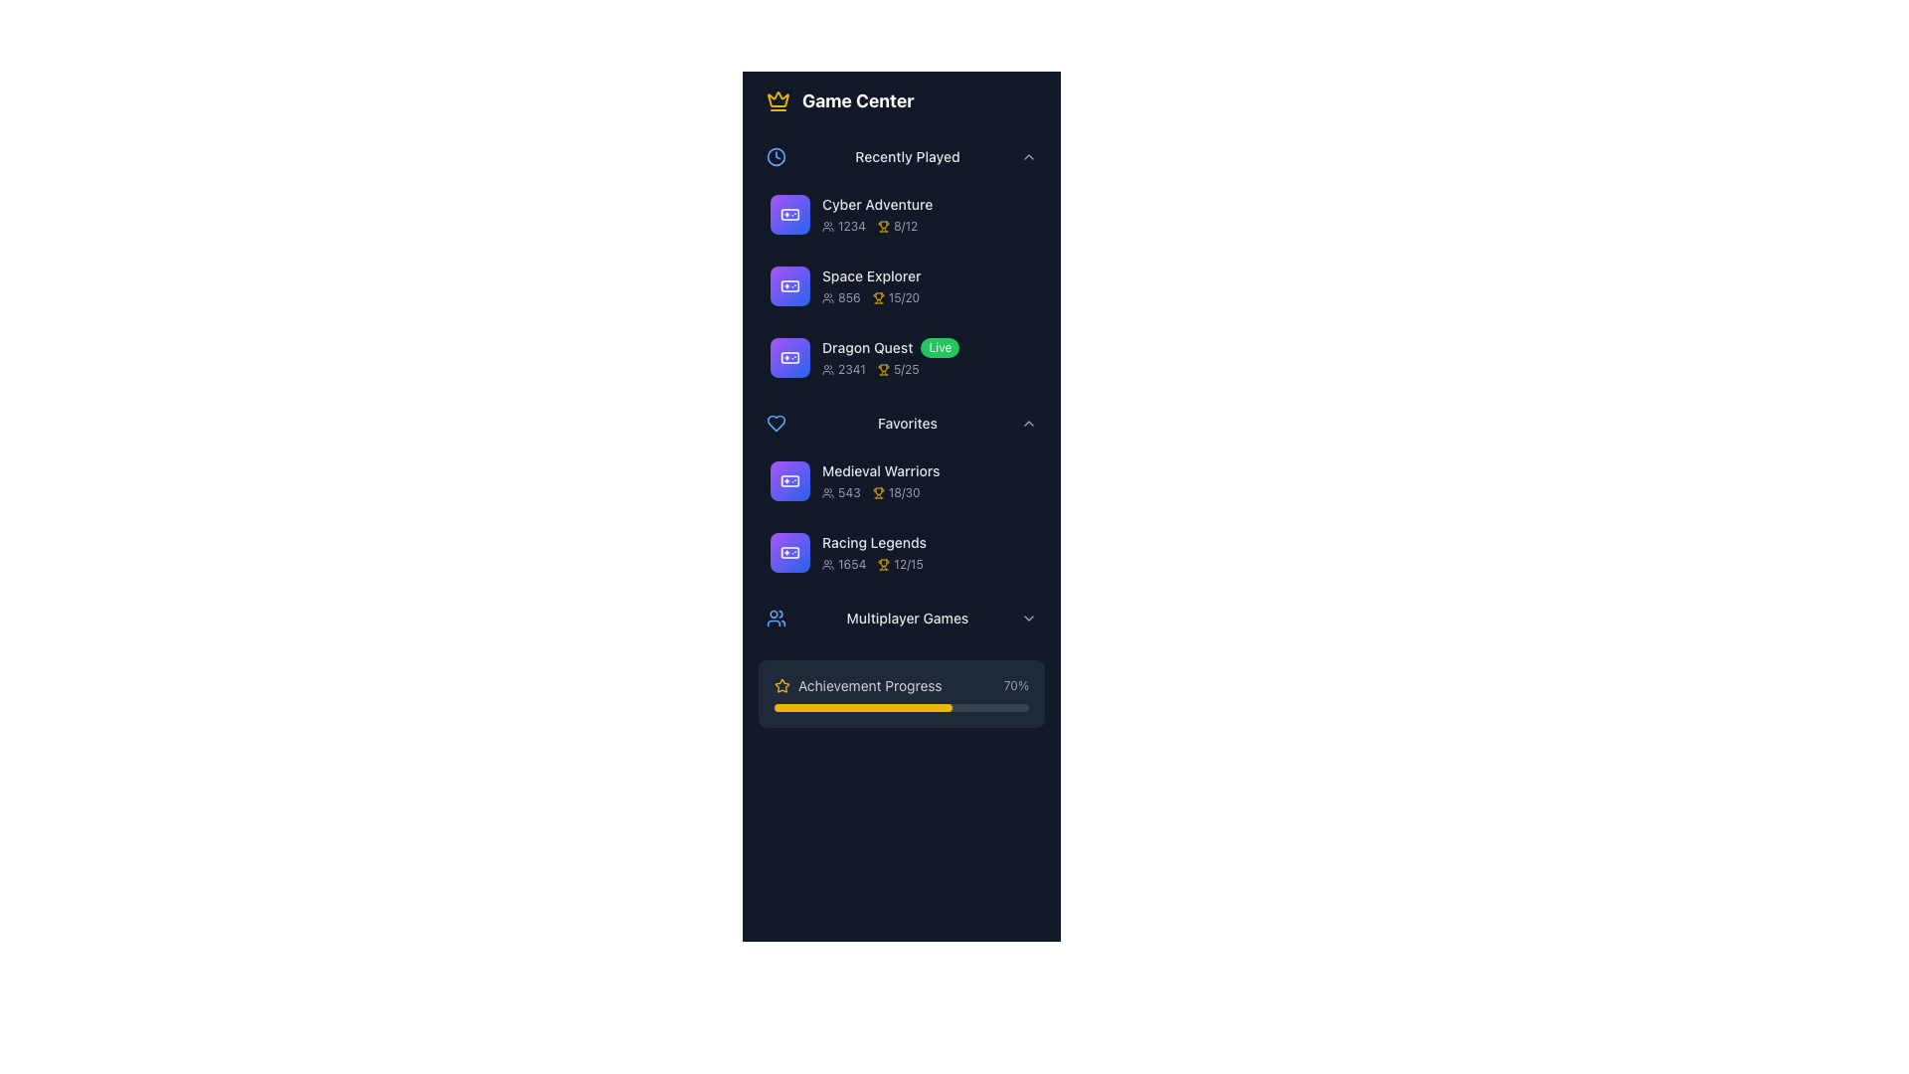 The height and width of the screenshot is (1074, 1909). Describe the element at coordinates (926, 204) in the screenshot. I see `the static text label that identifies the first game entry in the 'Recently Played' section of the Game Center` at that location.